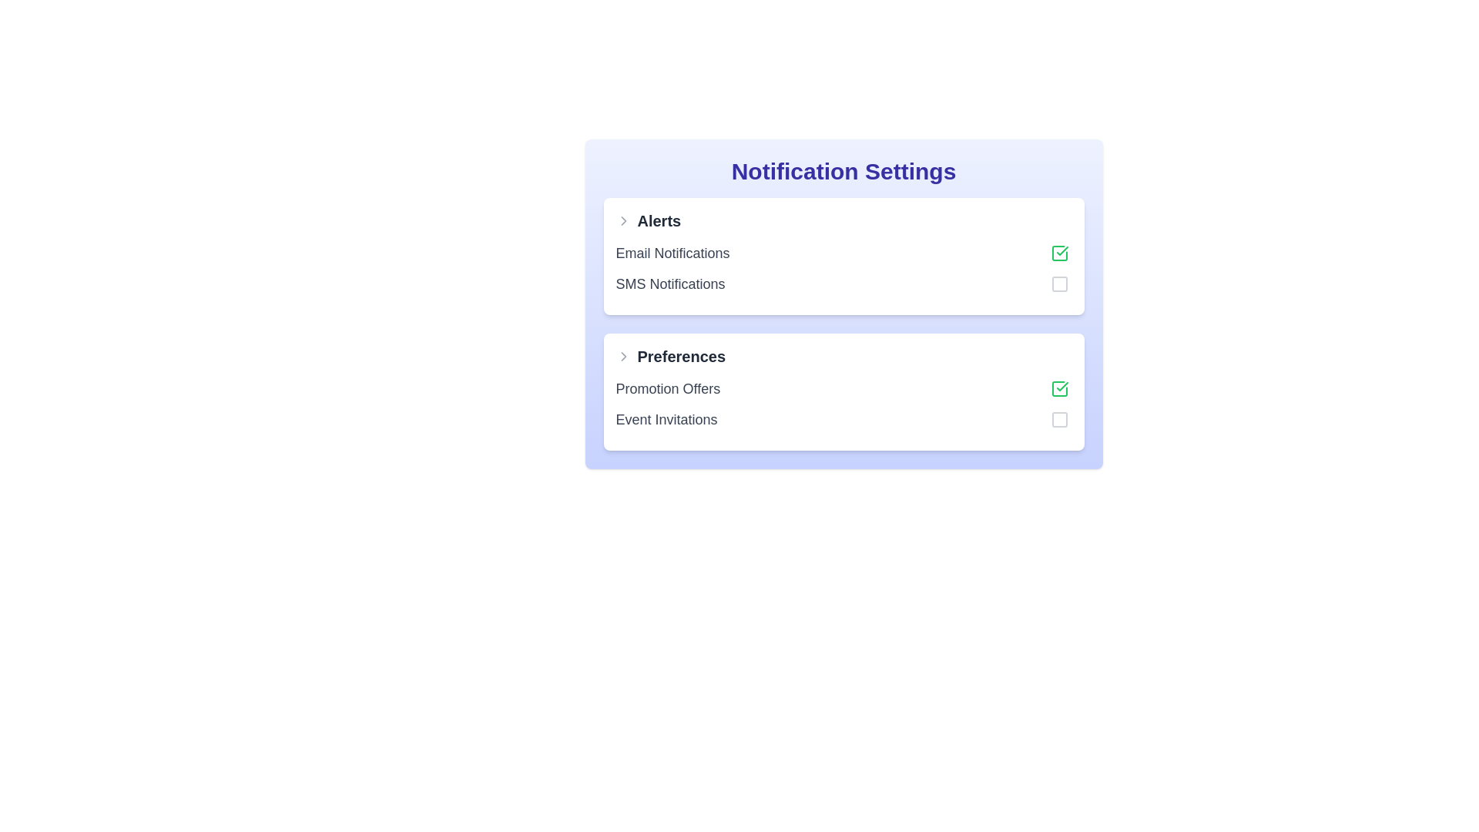 Image resolution: width=1479 pixels, height=832 pixels. What do you see at coordinates (843, 252) in the screenshot?
I see `the uppermost item in the 'Alerts' subsection of the 'Notification Settings' panel` at bounding box center [843, 252].